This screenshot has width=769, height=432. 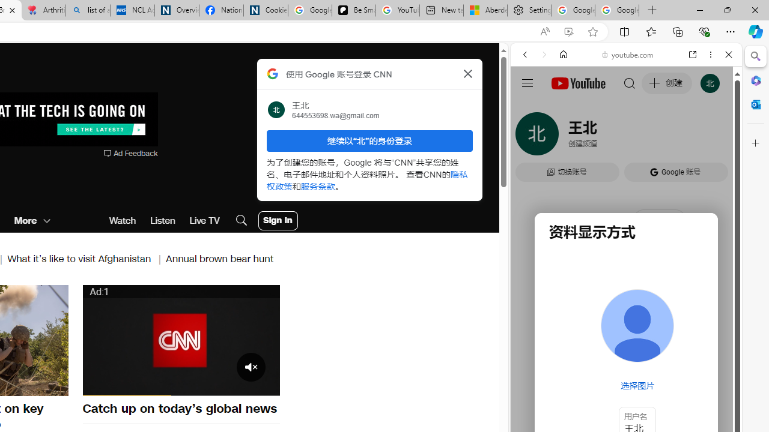 What do you see at coordinates (220, 258) in the screenshot?
I see `'Annual brown bear hunt'` at bounding box center [220, 258].